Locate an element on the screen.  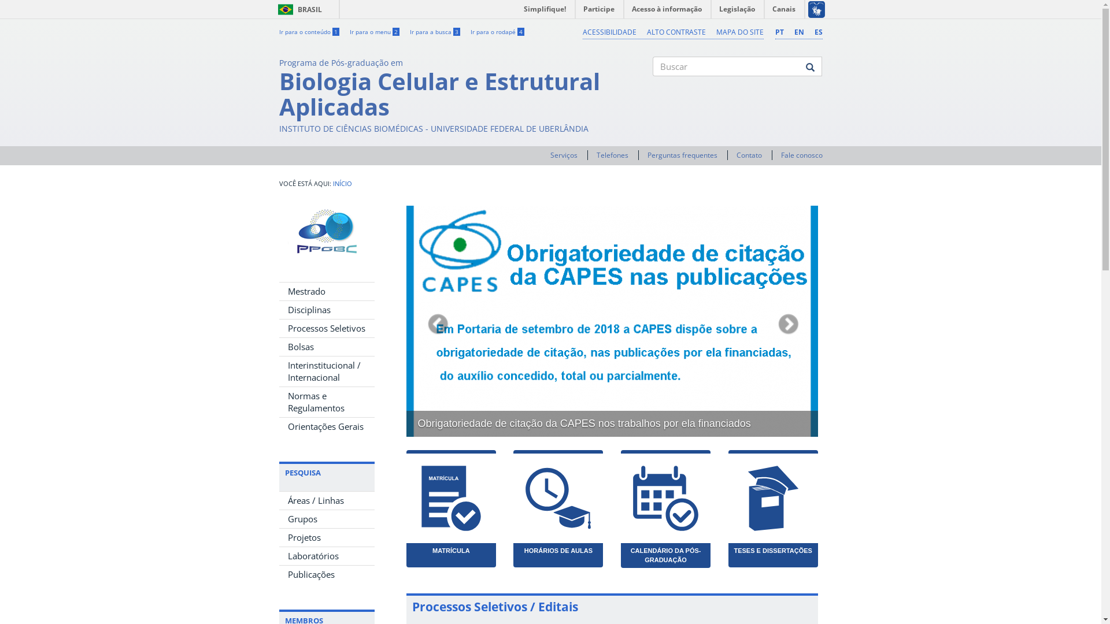
'Processos Seletivos' is located at coordinates (278, 328).